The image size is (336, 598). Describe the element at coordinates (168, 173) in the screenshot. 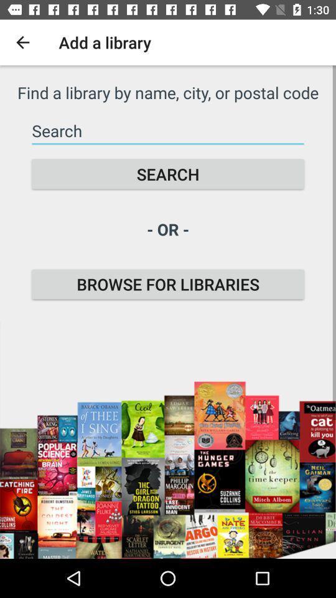

I see `the icon above the - or - icon` at that location.